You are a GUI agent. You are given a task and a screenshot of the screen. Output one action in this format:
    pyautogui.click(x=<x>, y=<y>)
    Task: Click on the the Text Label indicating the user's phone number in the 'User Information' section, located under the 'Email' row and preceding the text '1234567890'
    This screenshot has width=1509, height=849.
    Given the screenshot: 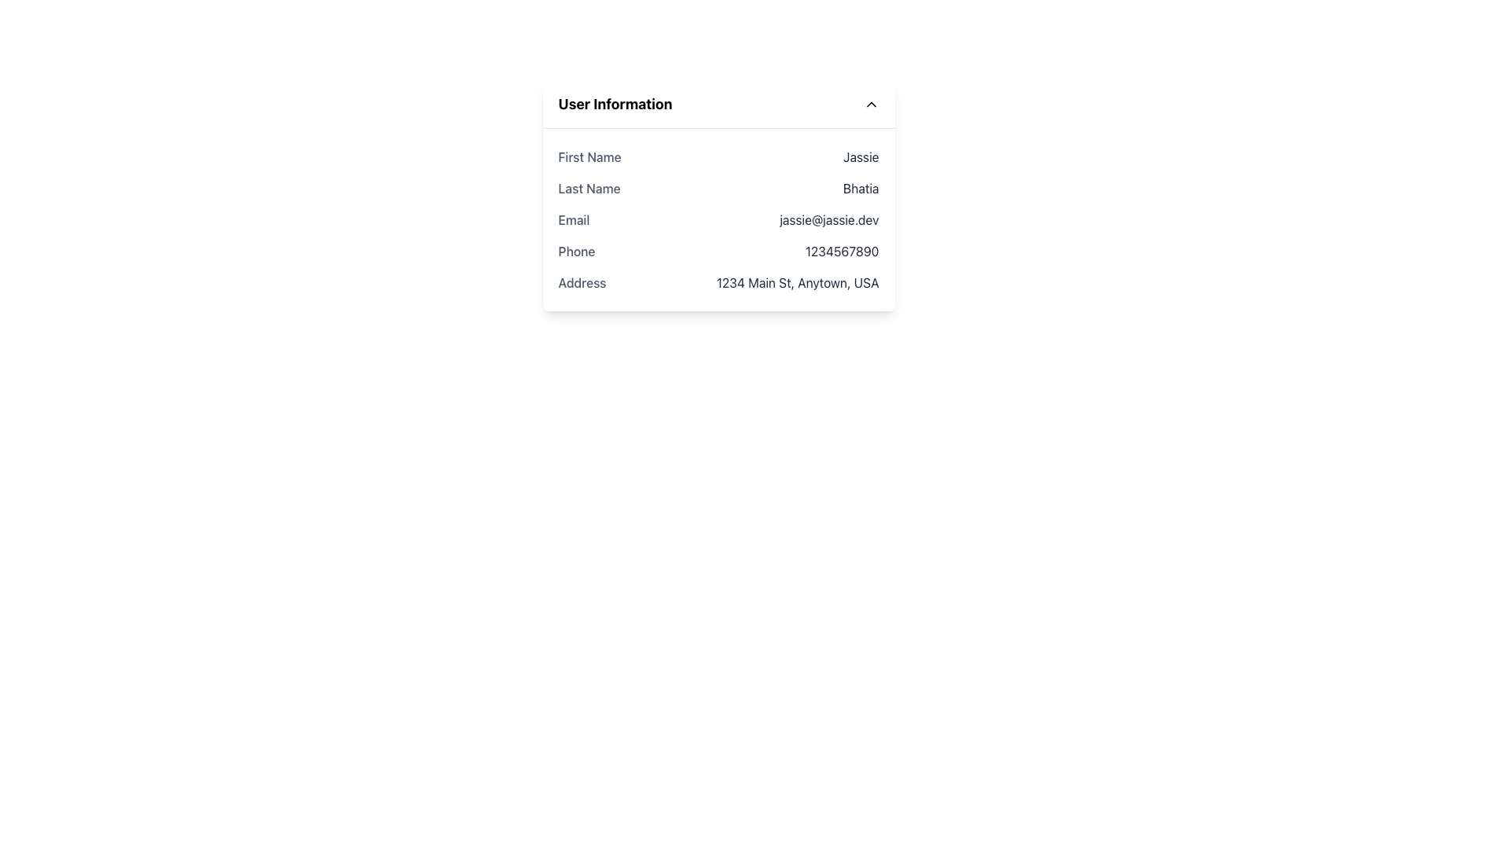 What is the action you would take?
    pyautogui.click(x=576, y=251)
    